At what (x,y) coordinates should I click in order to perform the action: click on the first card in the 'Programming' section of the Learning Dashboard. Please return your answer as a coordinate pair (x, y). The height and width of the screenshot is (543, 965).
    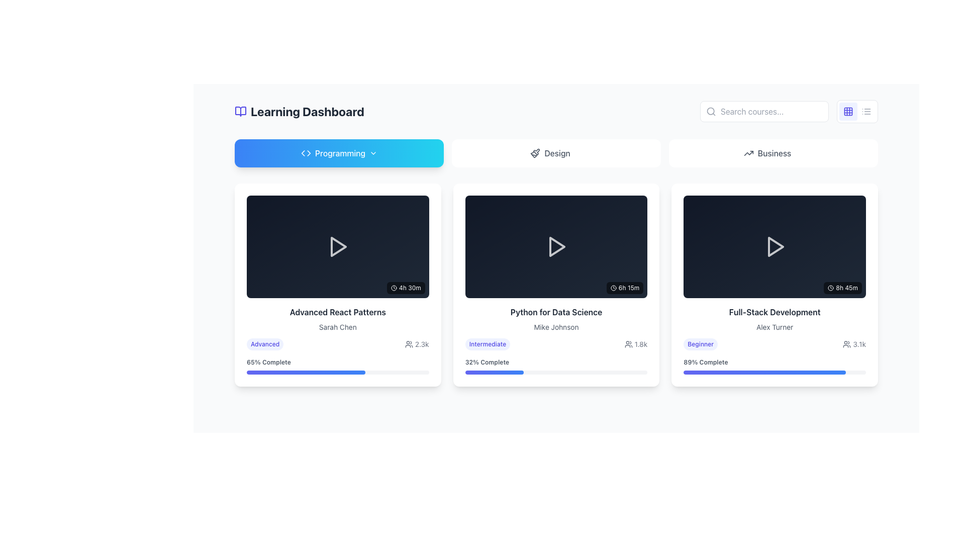
    Looking at the image, I should click on (338, 285).